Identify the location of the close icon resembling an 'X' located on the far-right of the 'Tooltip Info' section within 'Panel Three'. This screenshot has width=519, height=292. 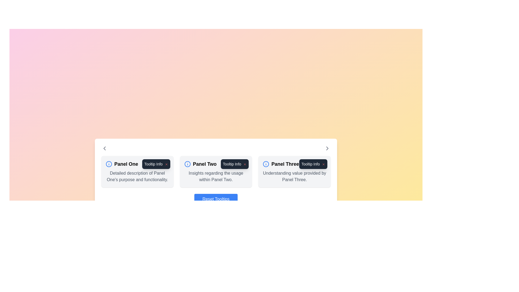
(323, 164).